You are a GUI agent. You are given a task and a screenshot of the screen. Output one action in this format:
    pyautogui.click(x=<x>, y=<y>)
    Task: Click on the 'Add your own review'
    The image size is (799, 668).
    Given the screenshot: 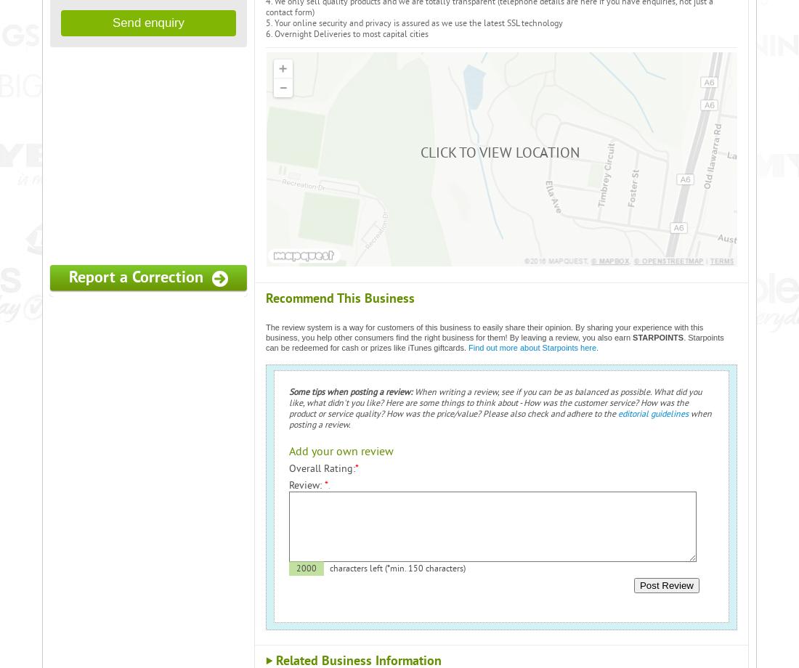 What is the action you would take?
    pyautogui.click(x=341, y=451)
    